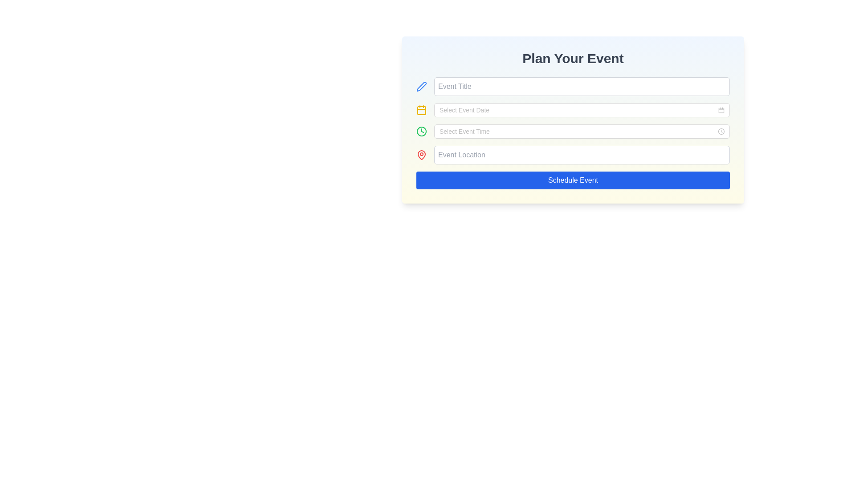 The width and height of the screenshot is (855, 480). I want to click on the 'Schedule Event' button, so click(573, 180).